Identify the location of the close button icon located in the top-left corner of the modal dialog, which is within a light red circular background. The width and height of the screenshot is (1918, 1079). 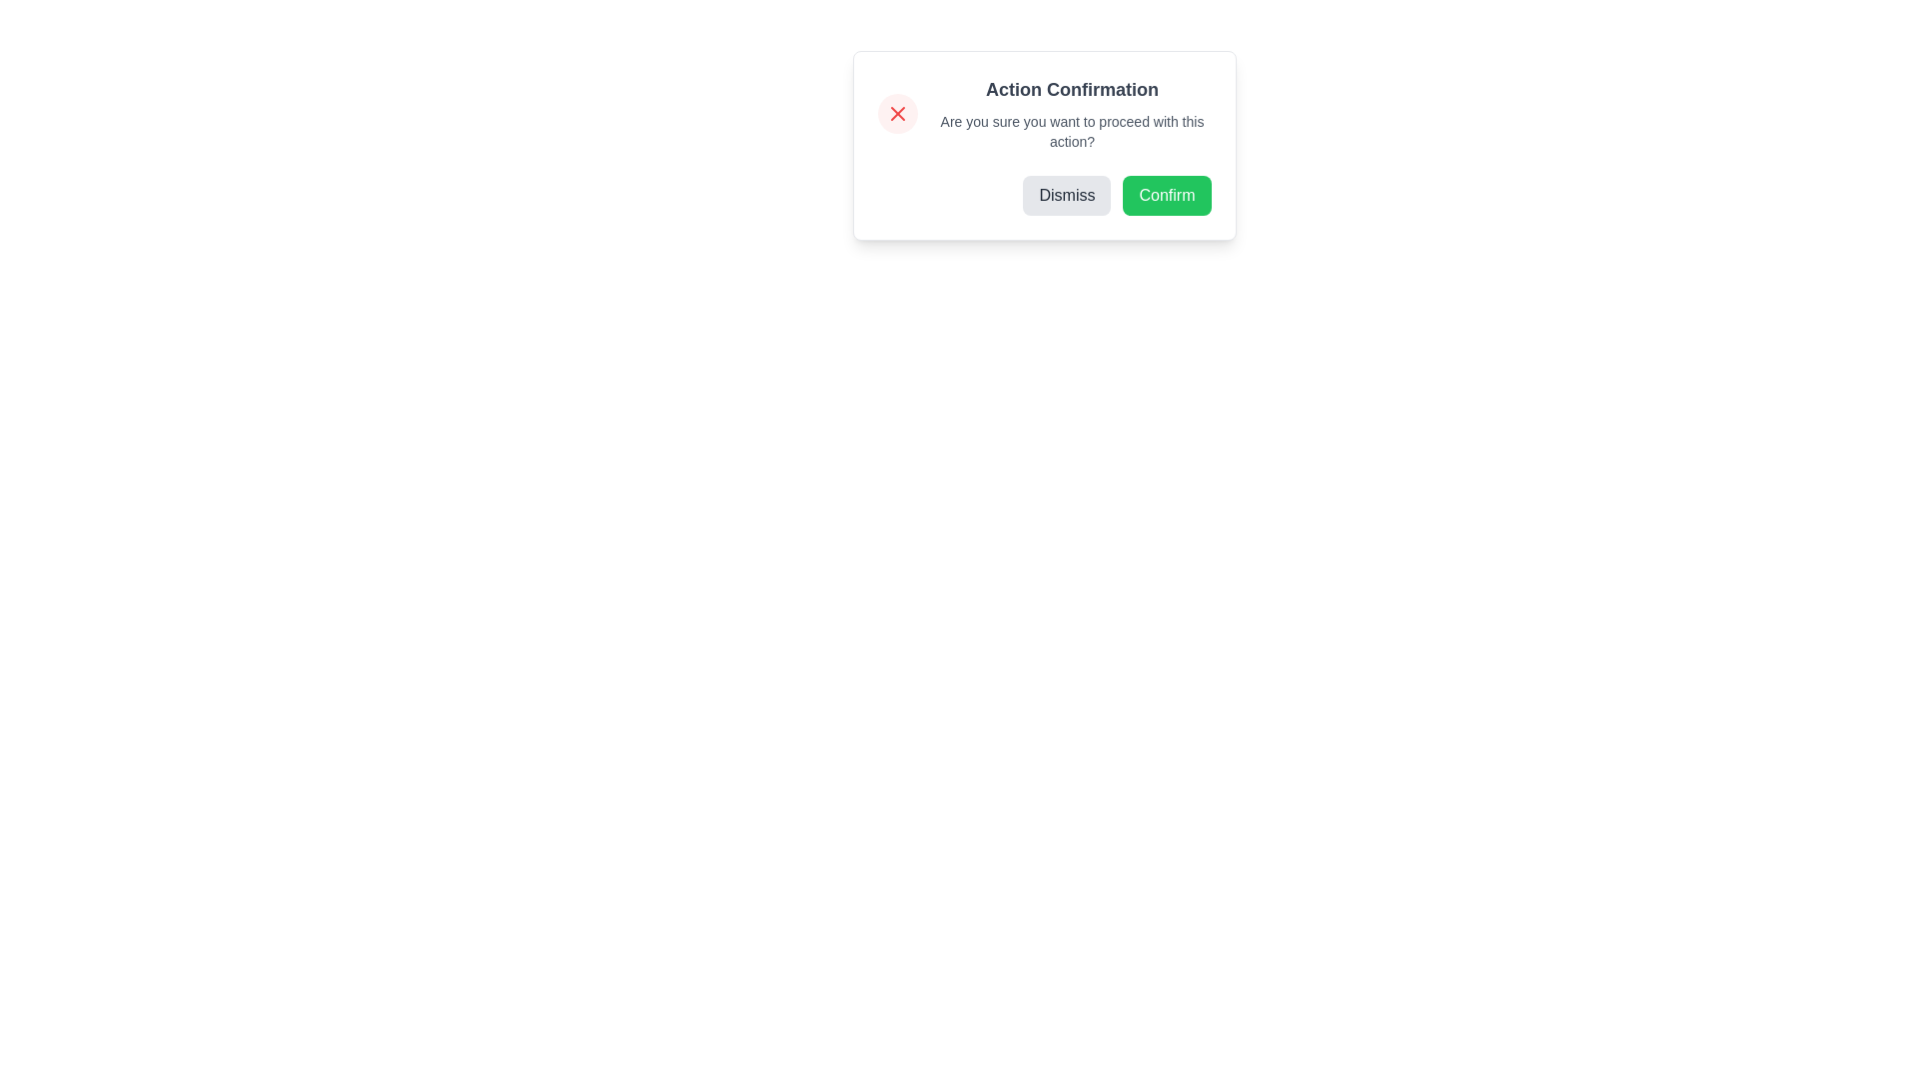
(896, 114).